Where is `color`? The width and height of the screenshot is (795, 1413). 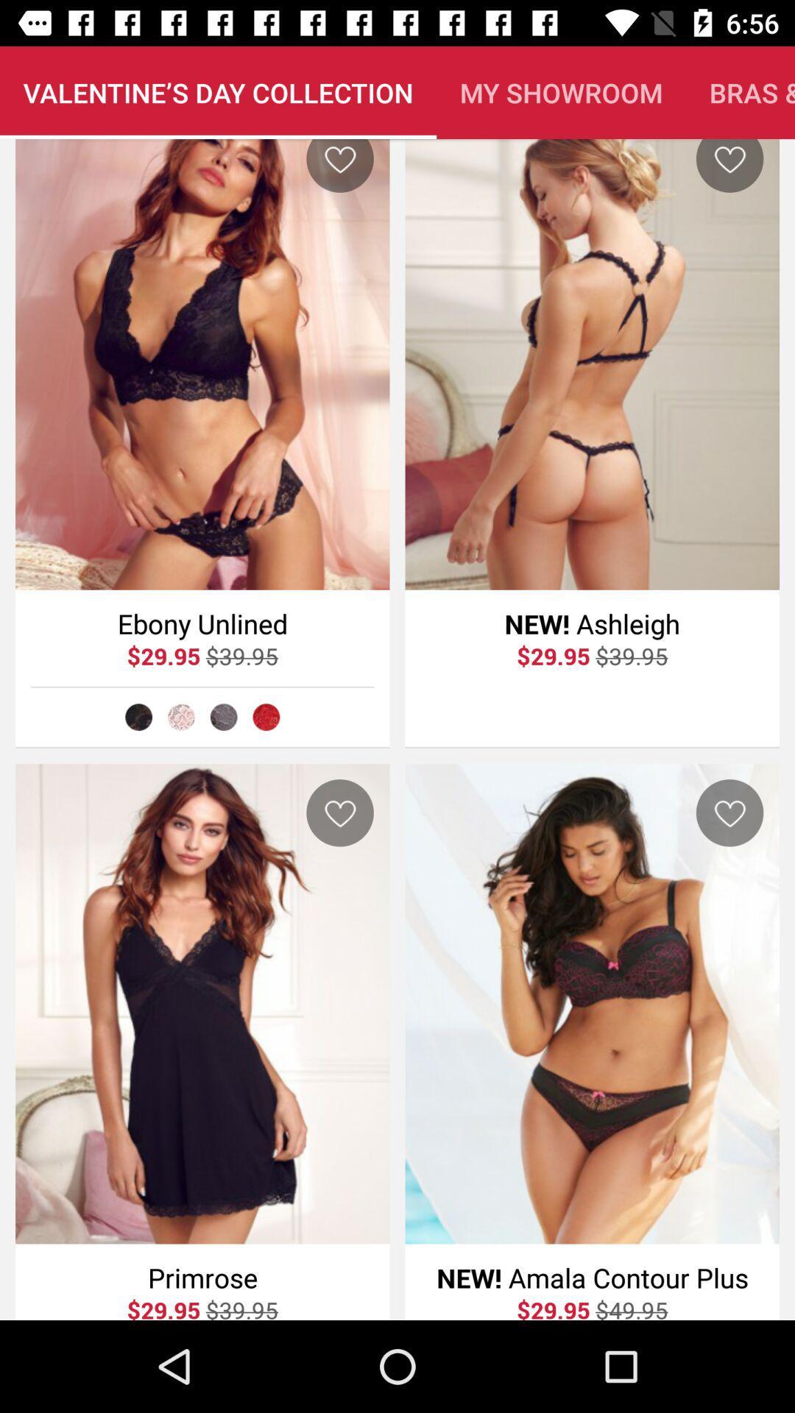
color is located at coordinates (224, 717).